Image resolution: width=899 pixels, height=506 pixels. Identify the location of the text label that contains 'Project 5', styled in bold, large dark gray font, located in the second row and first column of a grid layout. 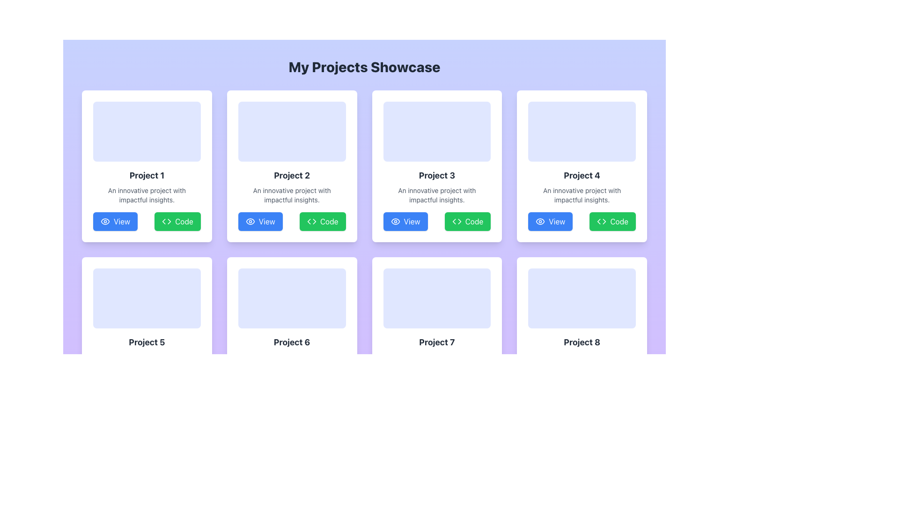
(146, 342).